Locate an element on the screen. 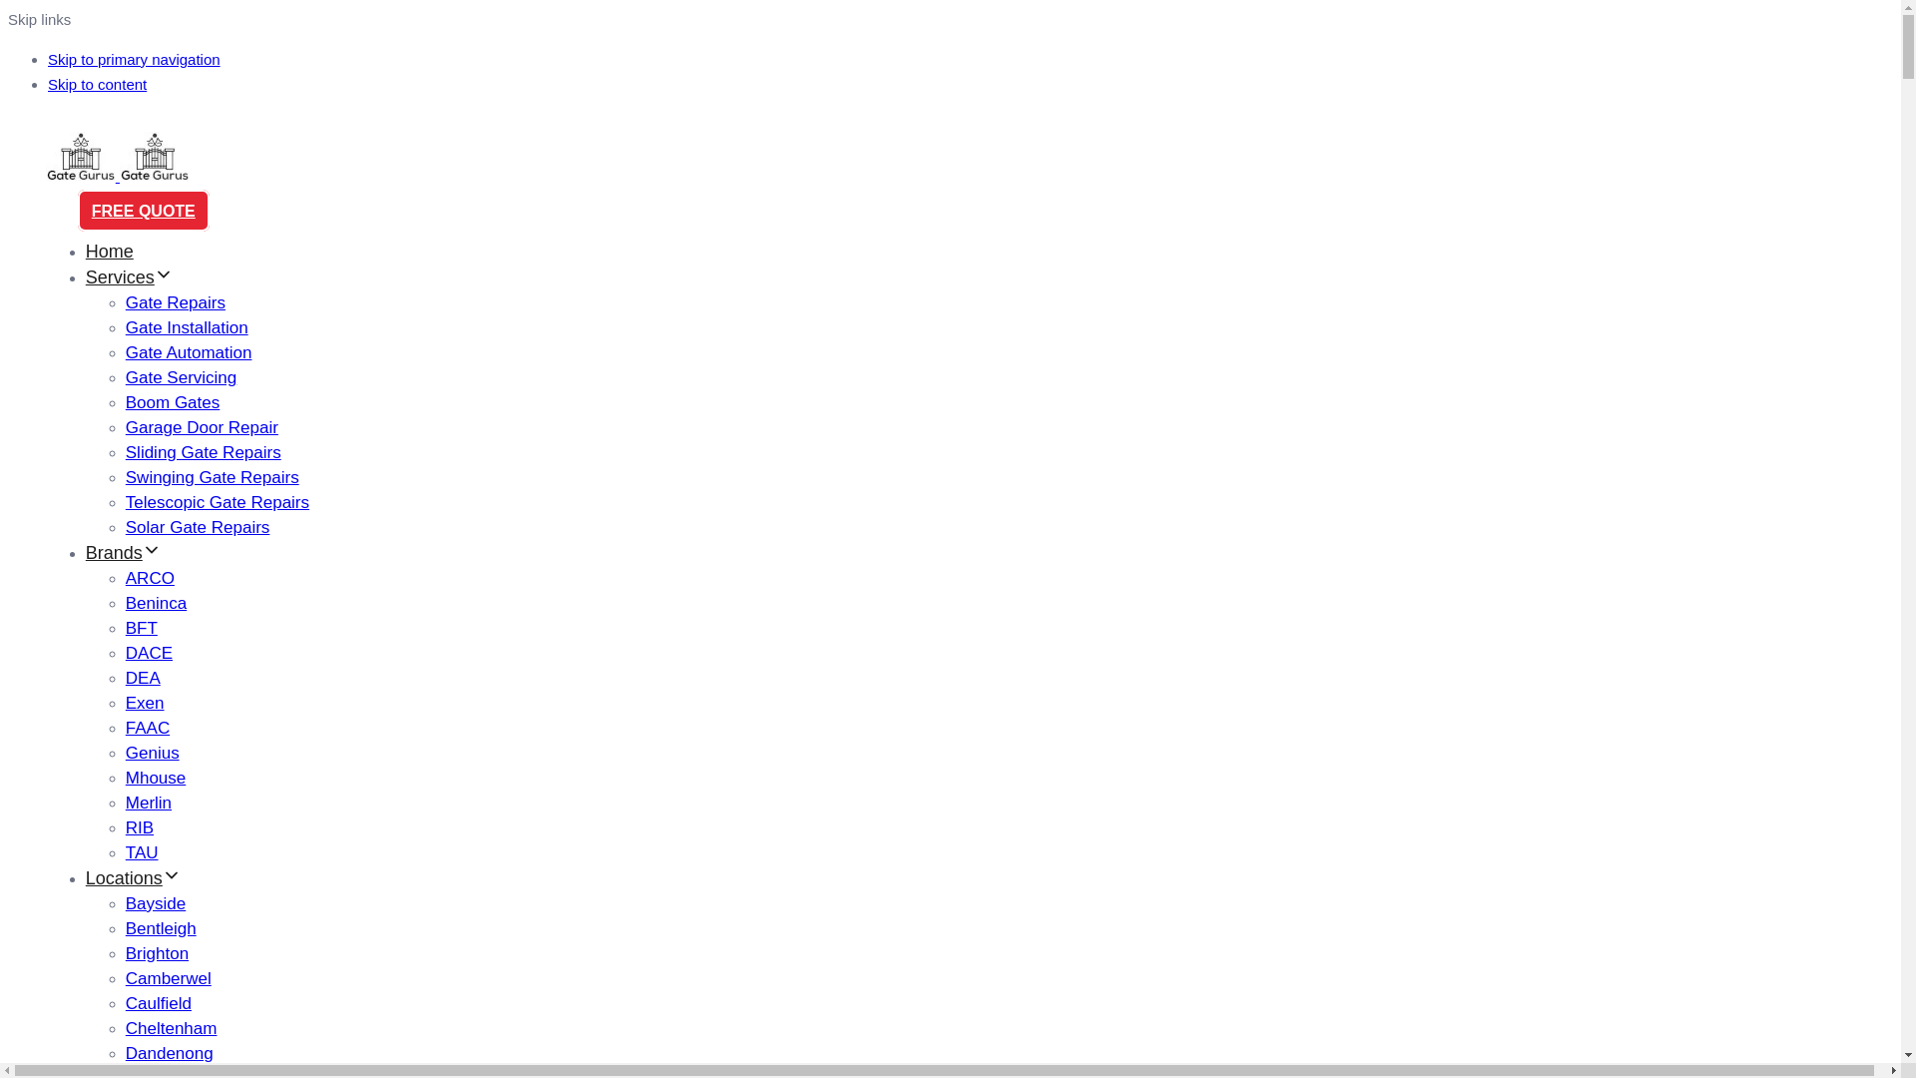  'RIB' is located at coordinates (138, 827).